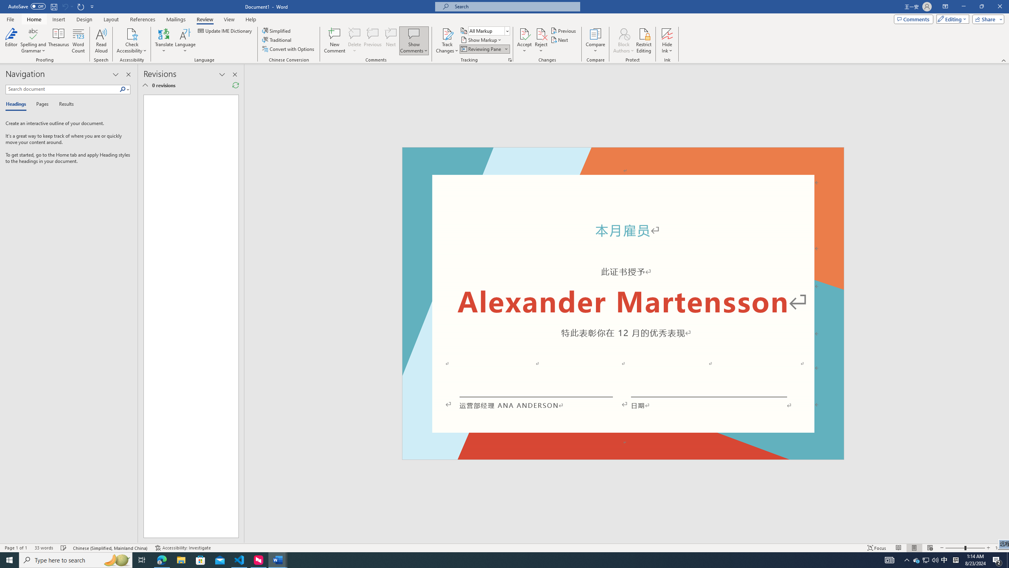 The image size is (1009, 568). Describe the element at coordinates (101, 41) in the screenshot. I see `'Read Aloud'` at that location.